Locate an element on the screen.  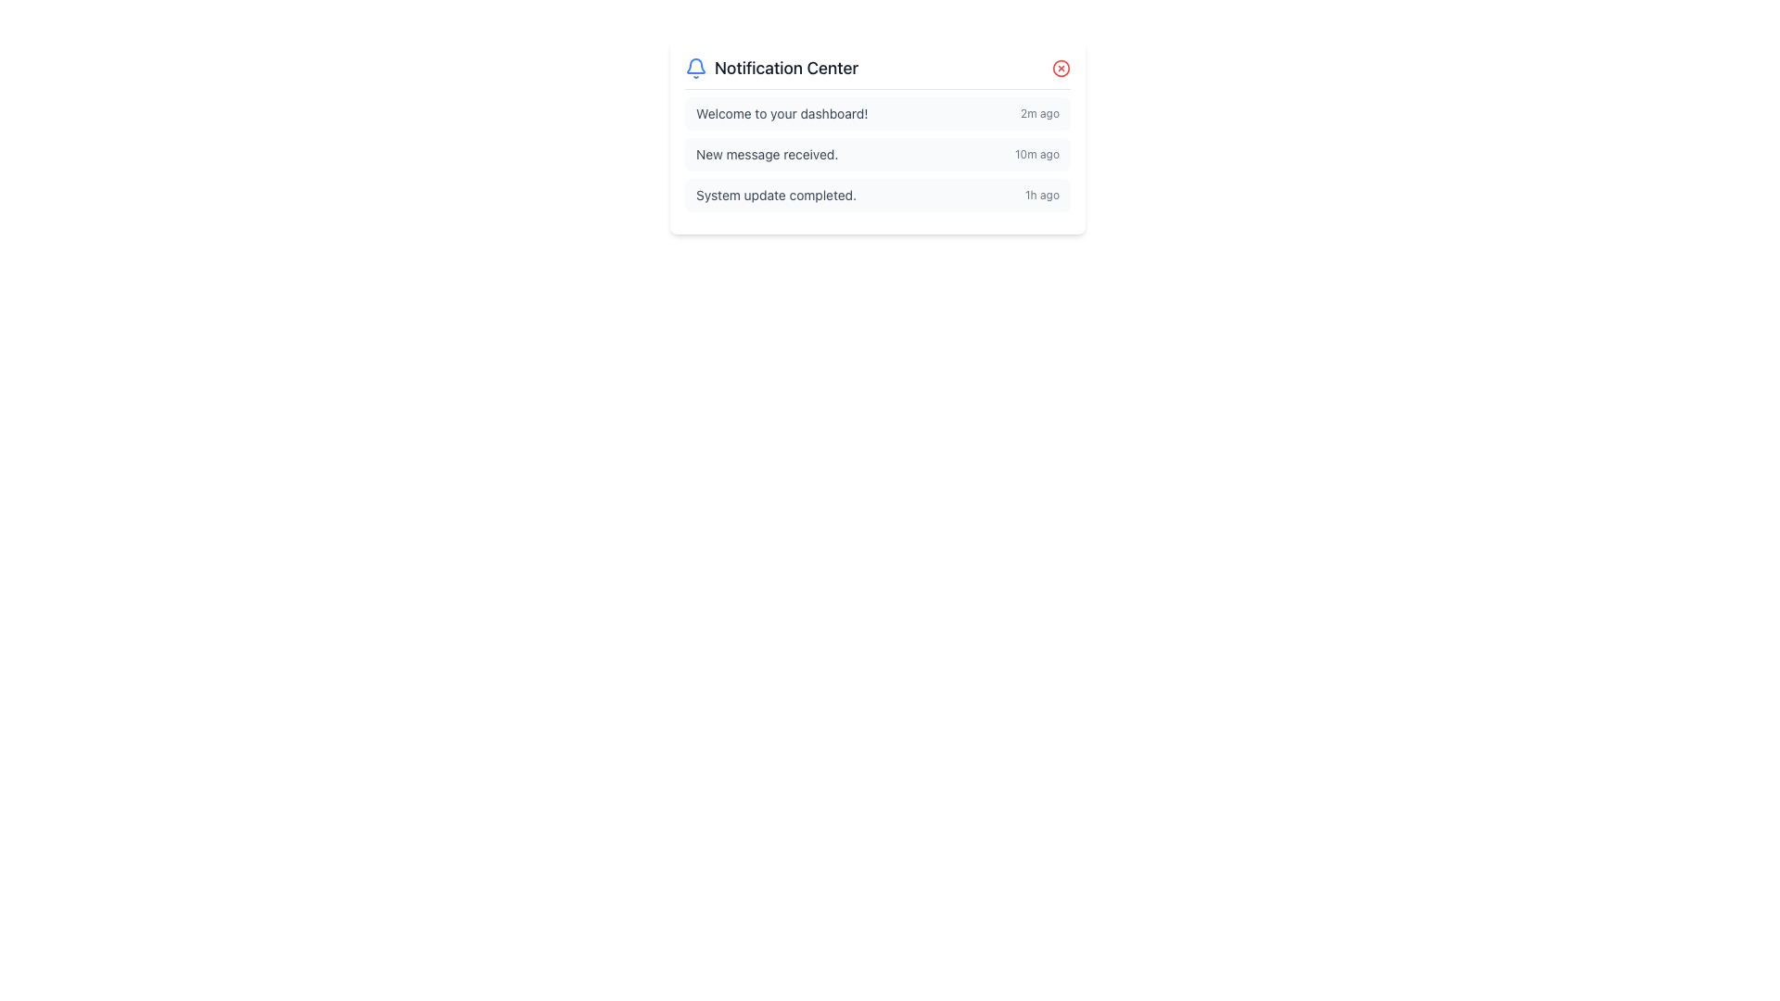
the timestamp text label that indicates when the notification occurred, located in the lower-right section of the notification entry labeled 'System update completed.' is located at coordinates (1042, 196).